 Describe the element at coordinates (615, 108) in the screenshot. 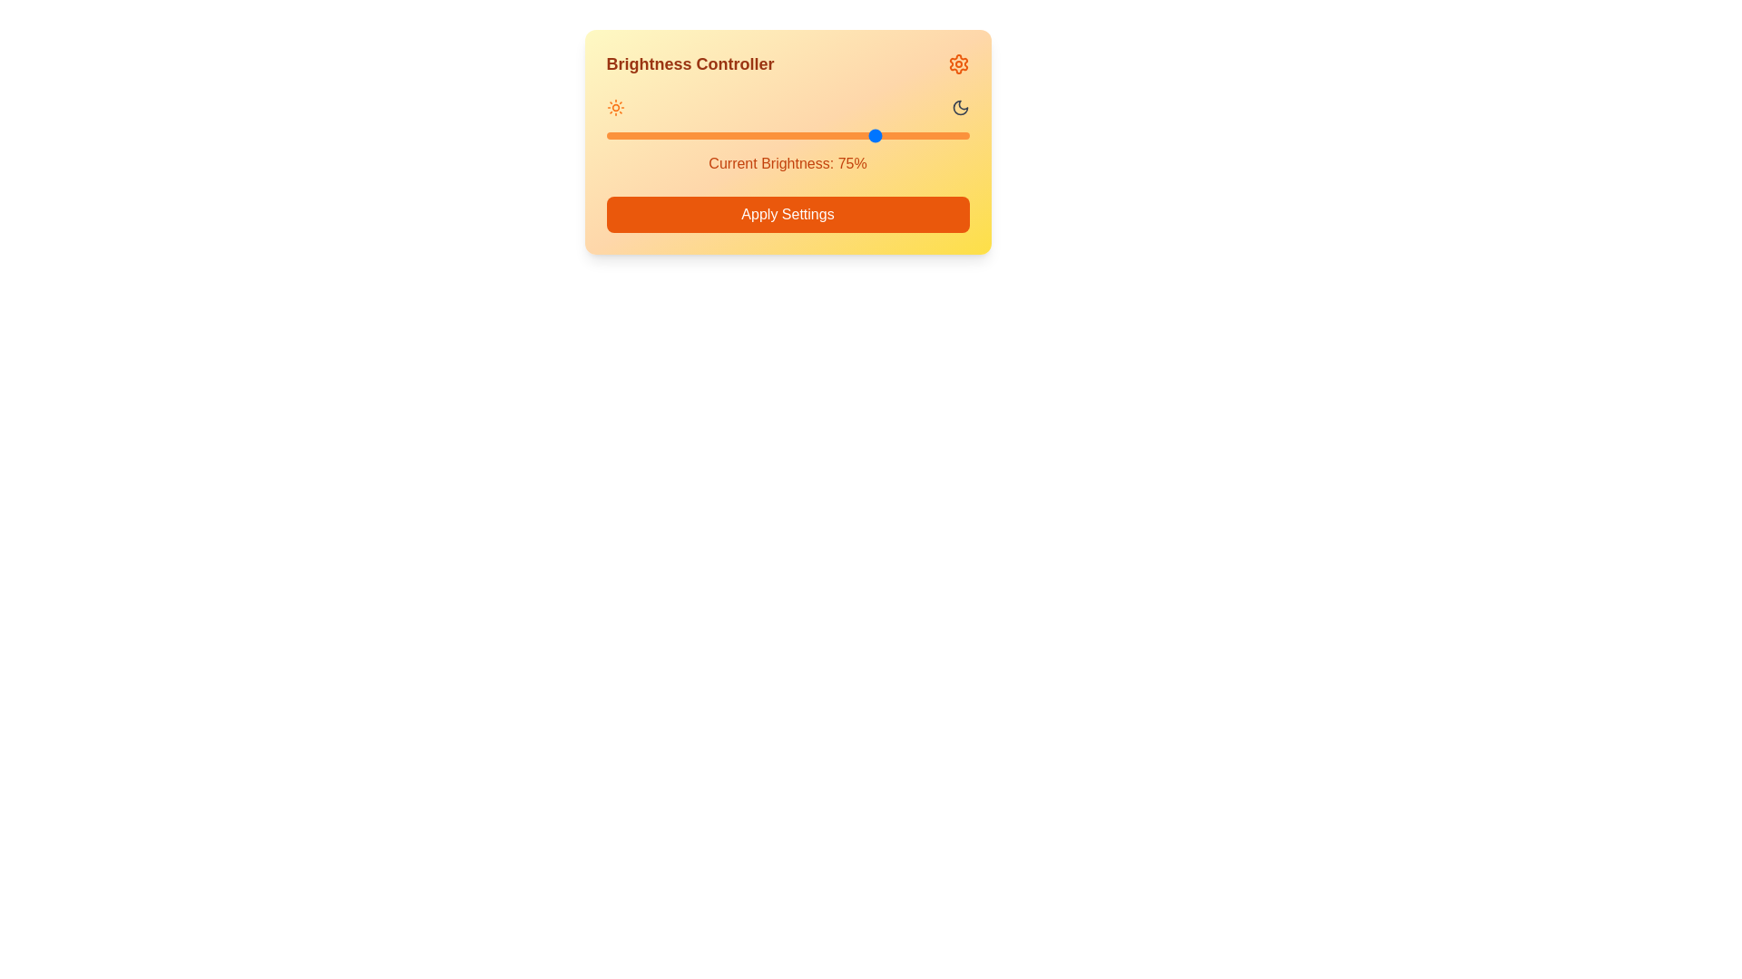

I see `the Sun icon to represent brightness extremes` at that location.